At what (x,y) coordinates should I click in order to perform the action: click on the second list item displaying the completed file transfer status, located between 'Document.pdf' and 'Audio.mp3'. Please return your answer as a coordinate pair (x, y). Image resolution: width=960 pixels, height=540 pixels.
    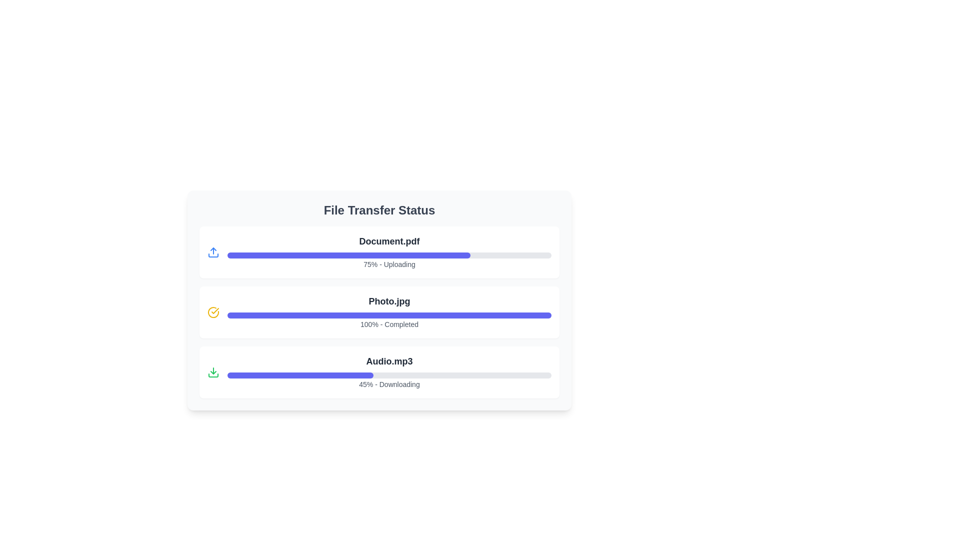
    Looking at the image, I should click on (378, 311).